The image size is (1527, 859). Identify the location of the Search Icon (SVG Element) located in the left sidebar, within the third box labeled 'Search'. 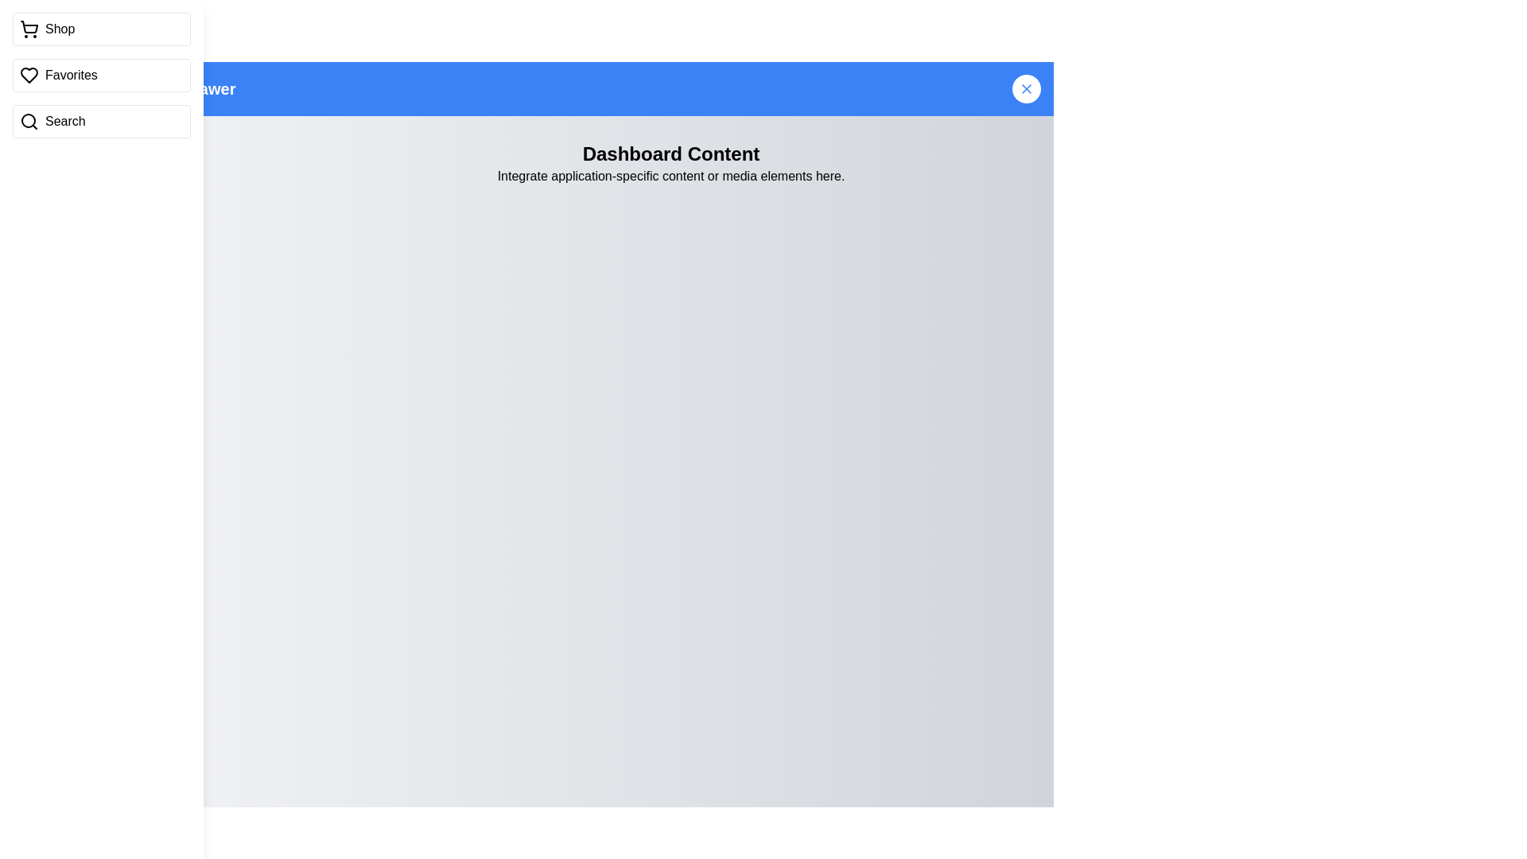
(29, 121).